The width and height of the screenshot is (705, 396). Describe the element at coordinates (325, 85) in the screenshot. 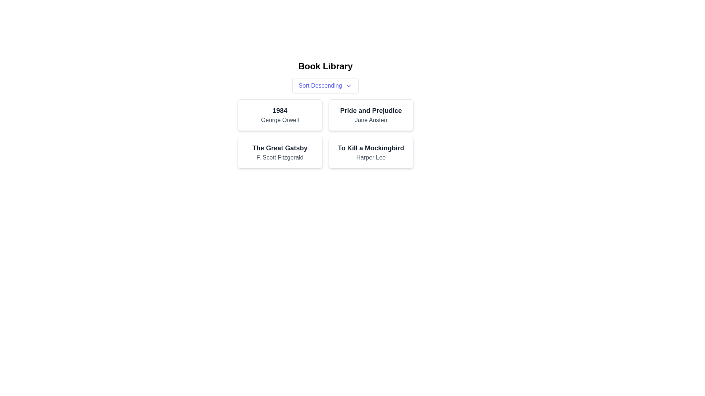

I see `the sorting button located below the 'Book Library' heading to sort the books in descending order` at that location.